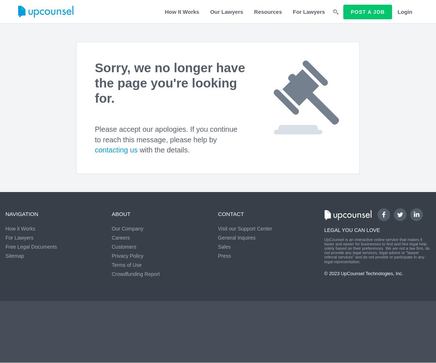 The width and height of the screenshot is (436, 363). I want to click on 'Privacy Policy', so click(127, 256).